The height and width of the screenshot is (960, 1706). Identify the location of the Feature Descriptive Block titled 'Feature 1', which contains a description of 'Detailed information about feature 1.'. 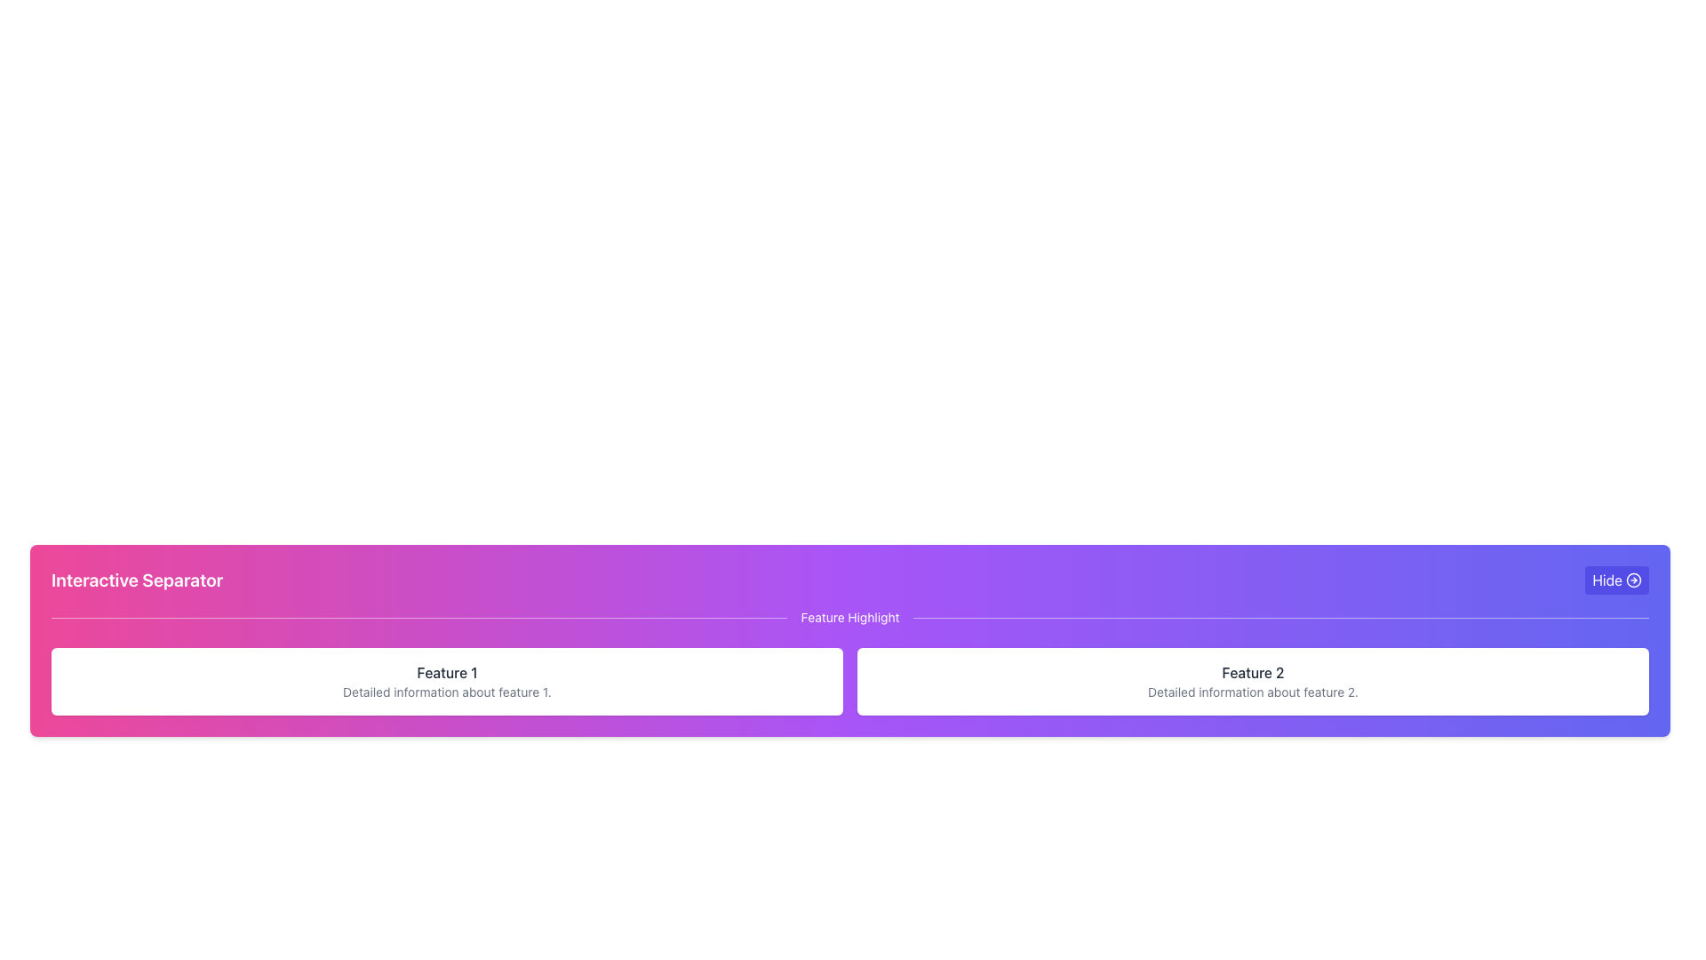
(447, 681).